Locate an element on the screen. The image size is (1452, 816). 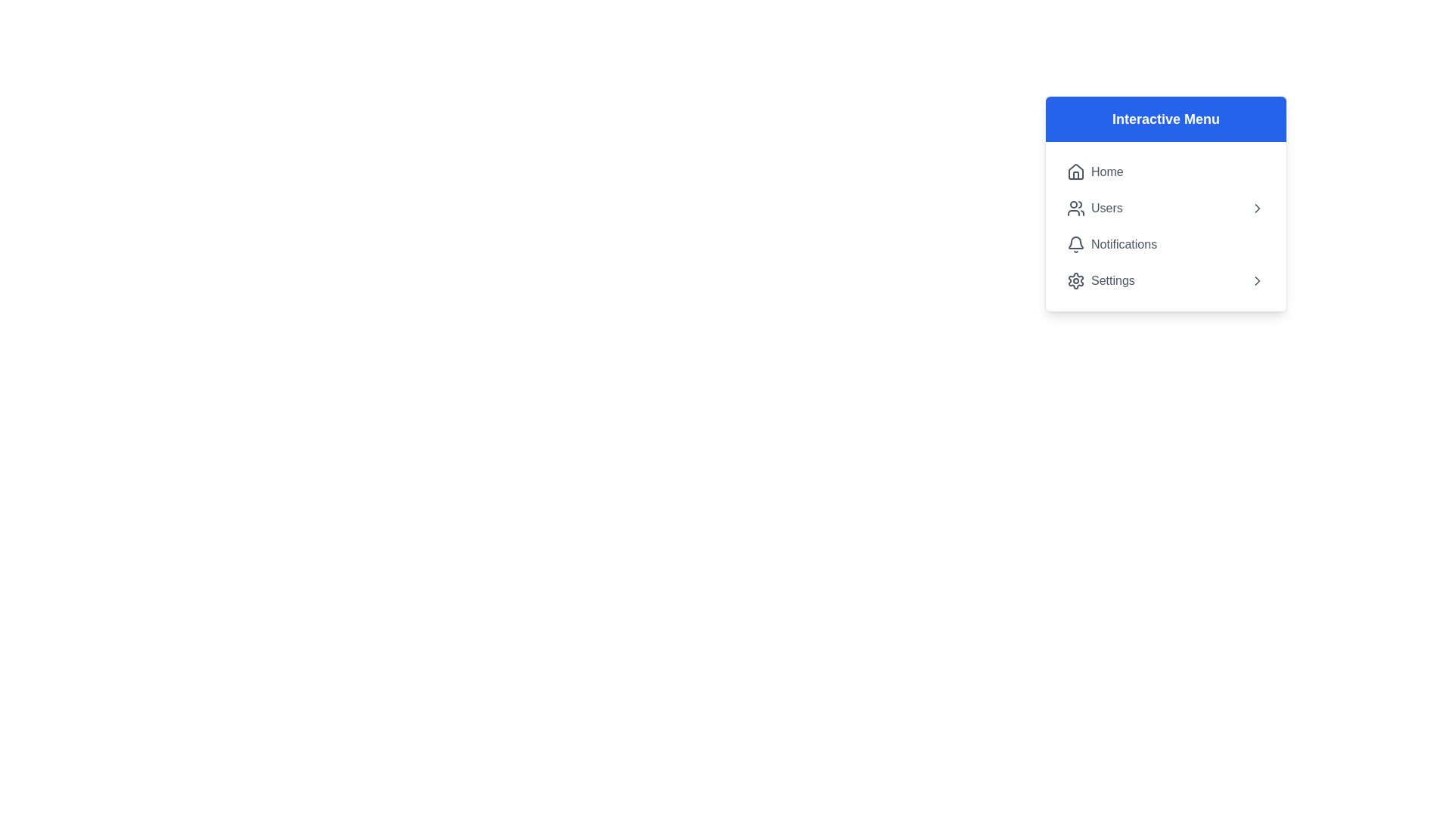
the Home menu option icon in the Interactive Menu interface using keyboard shortcuts is located at coordinates (1075, 171).